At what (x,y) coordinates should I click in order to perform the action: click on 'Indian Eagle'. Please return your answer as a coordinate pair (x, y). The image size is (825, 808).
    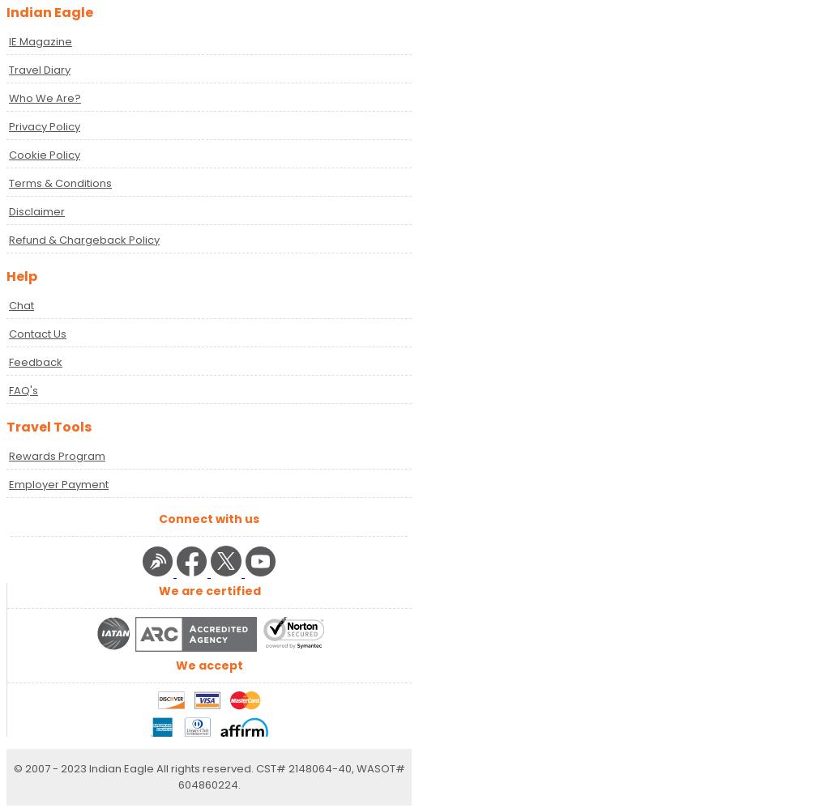
    Looking at the image, I should click on (6, 11).